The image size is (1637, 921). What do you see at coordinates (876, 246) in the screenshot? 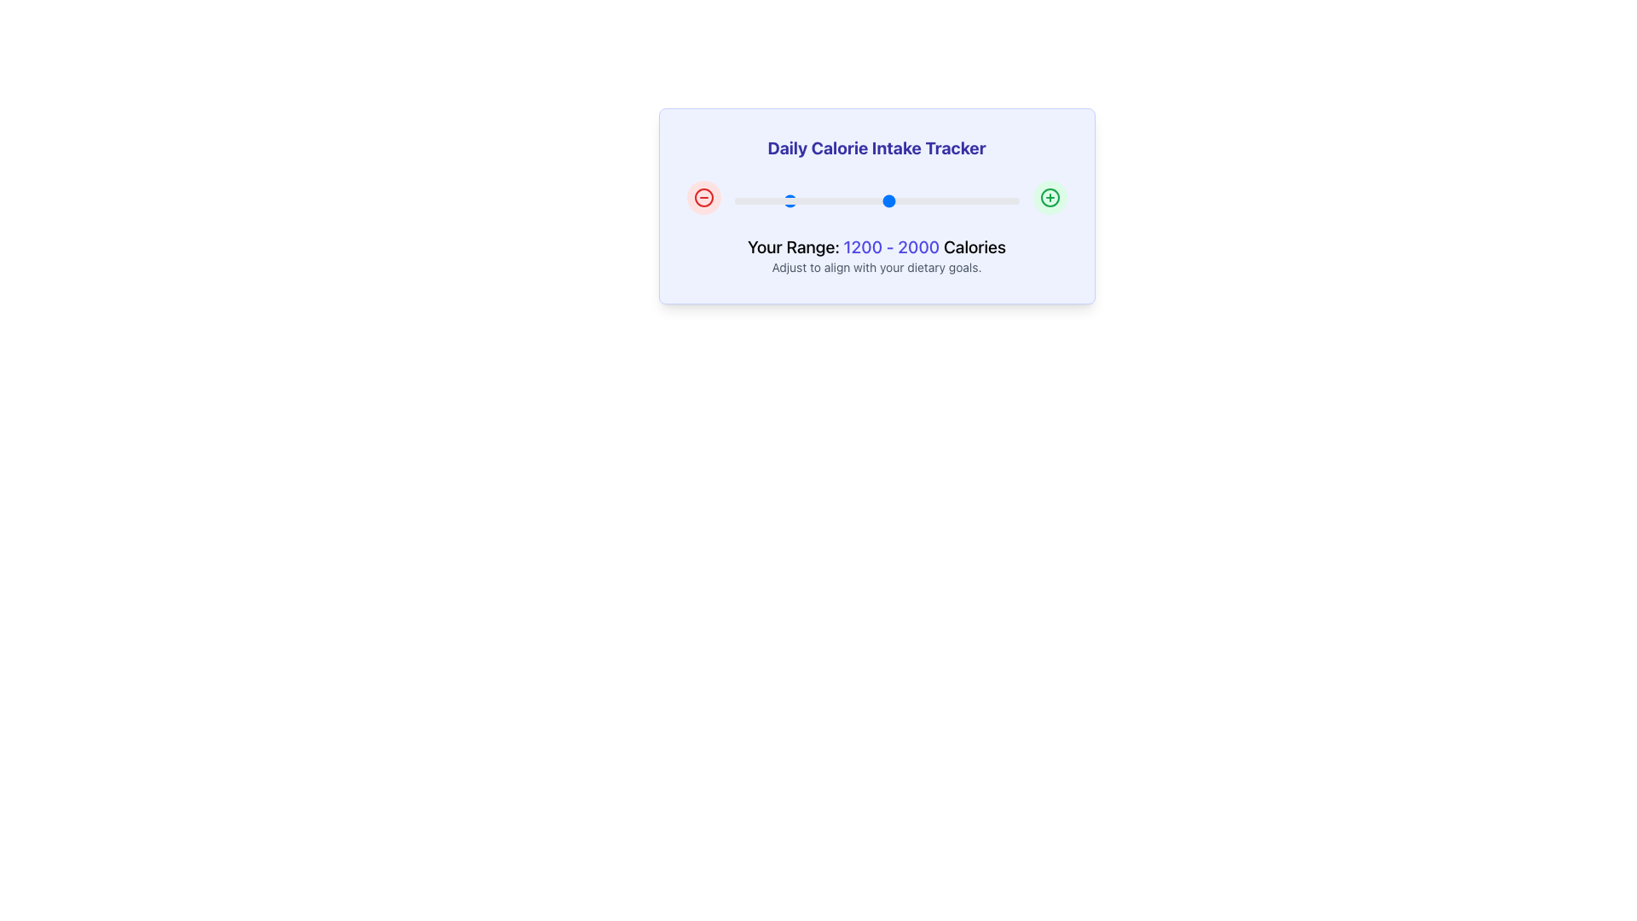
I see `the text display reading 'Your Range: 1200 - 2000 Calories', which is styled with a large font and highlighted in blue, located underneath the 'Daily Calorie Intake Tracker' slider` at bounding box center [876, 246].